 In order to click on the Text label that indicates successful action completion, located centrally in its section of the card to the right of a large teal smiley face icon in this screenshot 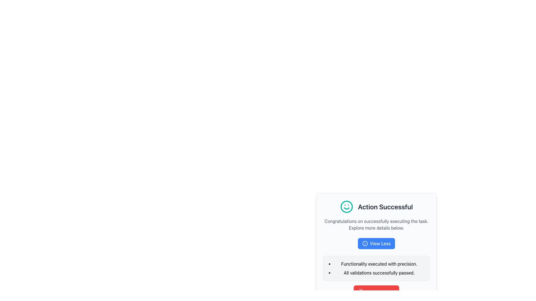, I will do `click(385, 207)`.